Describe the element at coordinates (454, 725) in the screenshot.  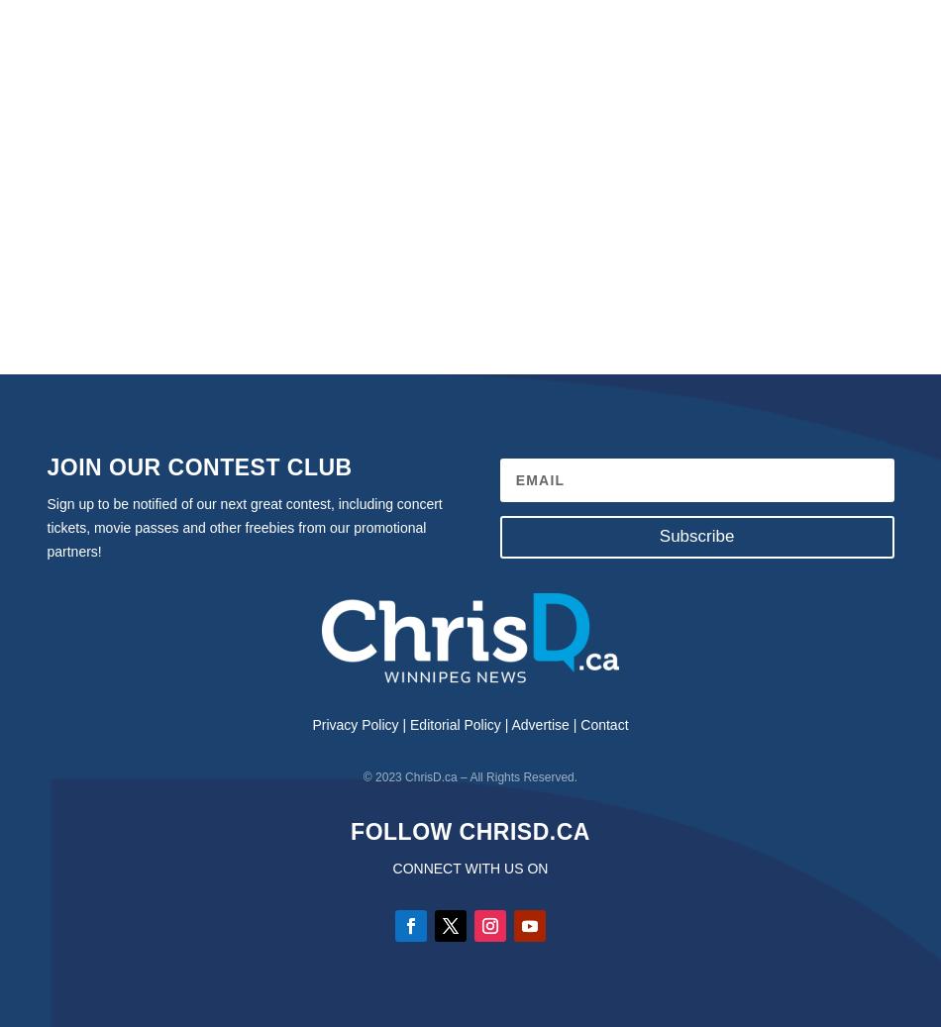
I see `'Editorial Policy'` at that location.